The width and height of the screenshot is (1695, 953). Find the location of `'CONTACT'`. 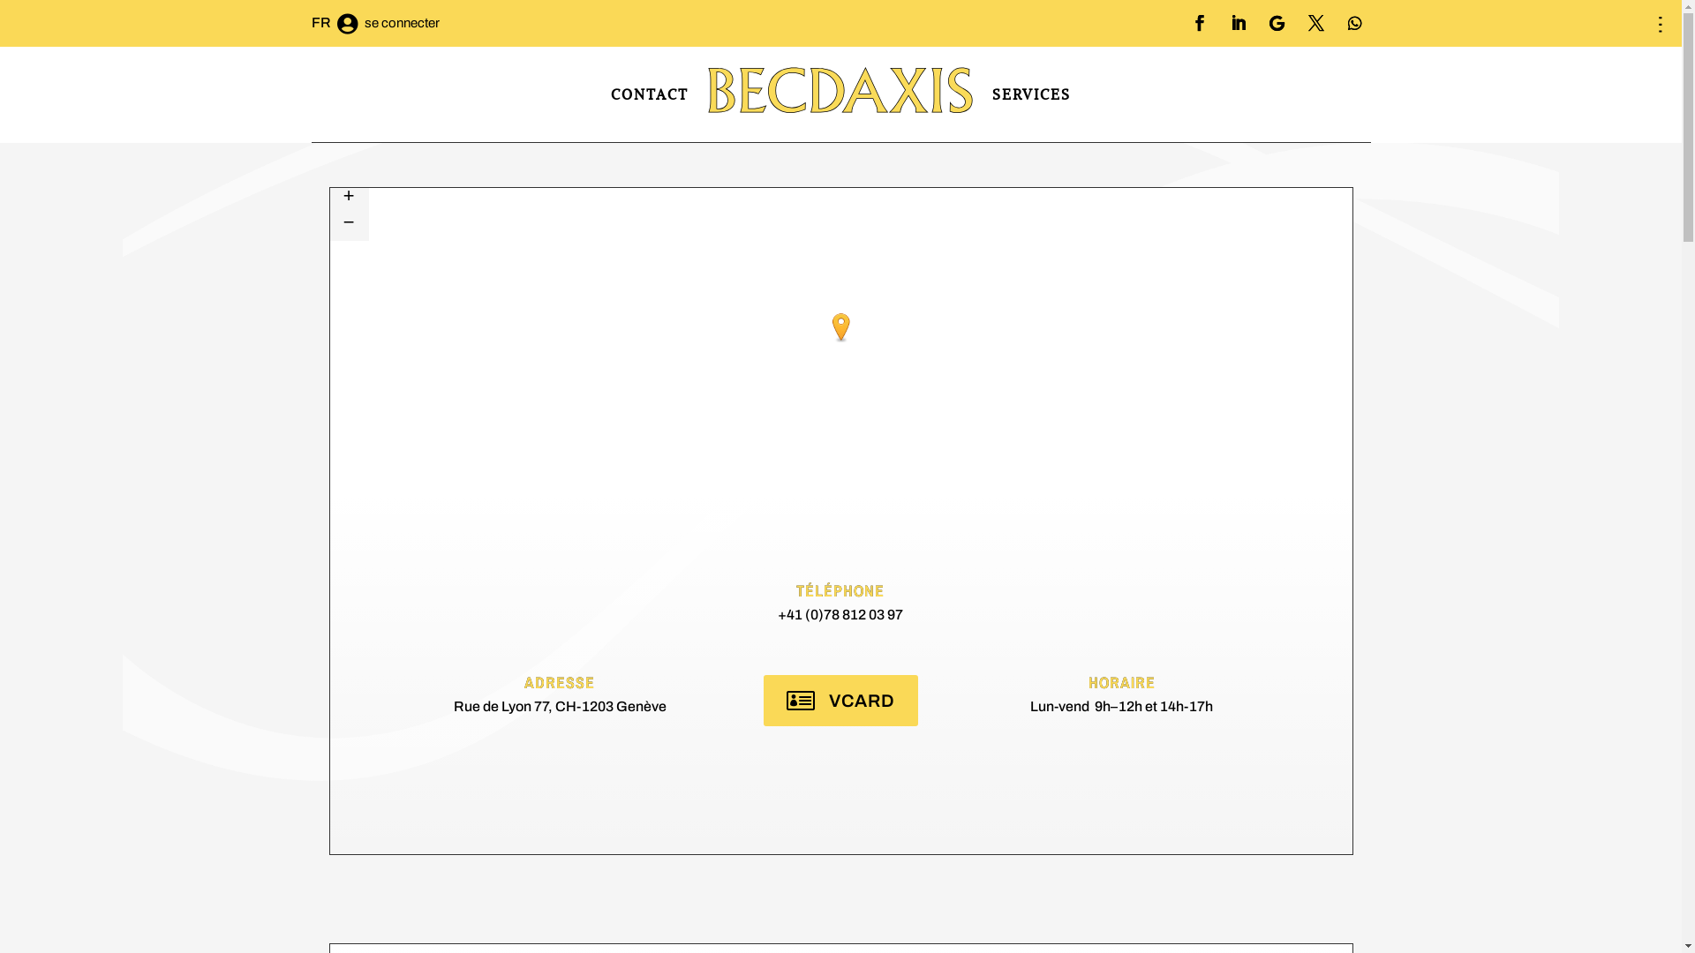

'CONTACT' is located at coordinates (648, 94).